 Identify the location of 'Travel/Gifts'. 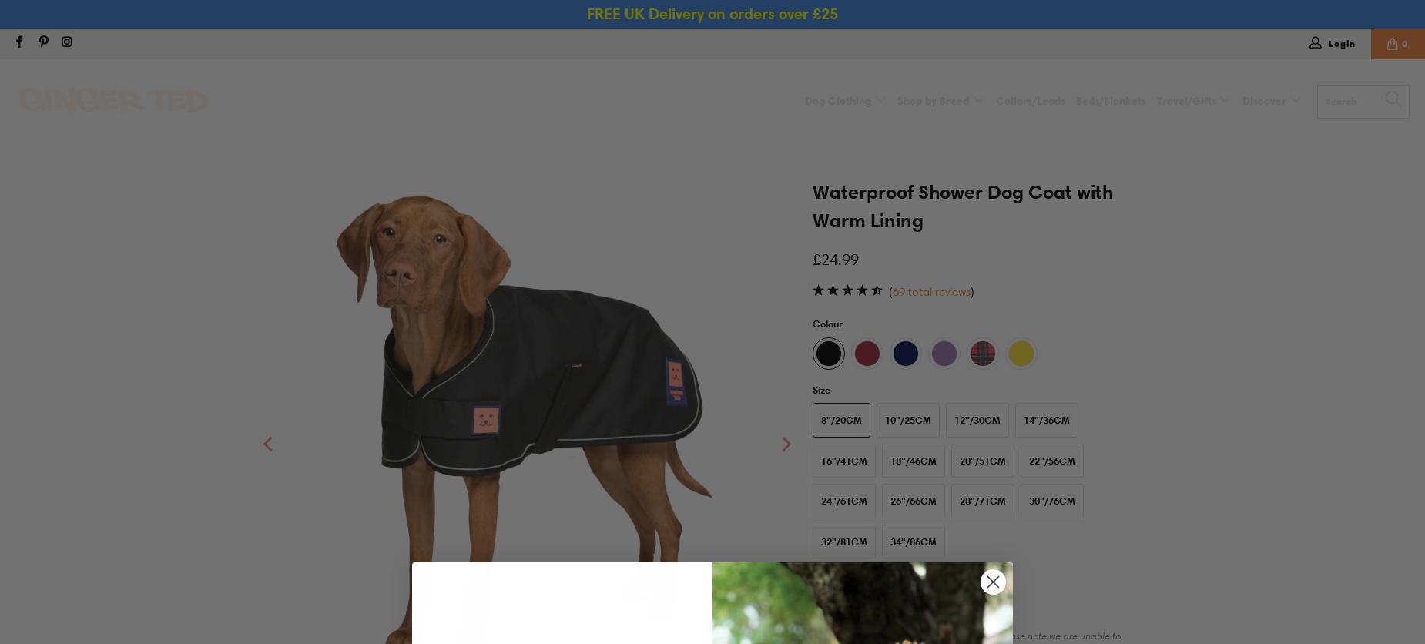
(1187, 100).